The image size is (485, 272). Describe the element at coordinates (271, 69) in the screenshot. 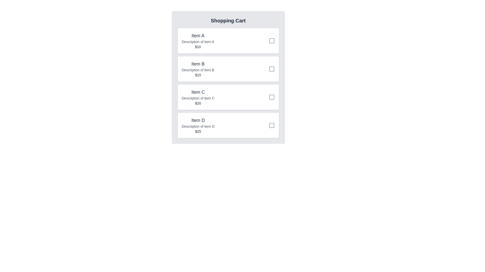

I see `the Checkbox element associated with 'Item B'` at that location.